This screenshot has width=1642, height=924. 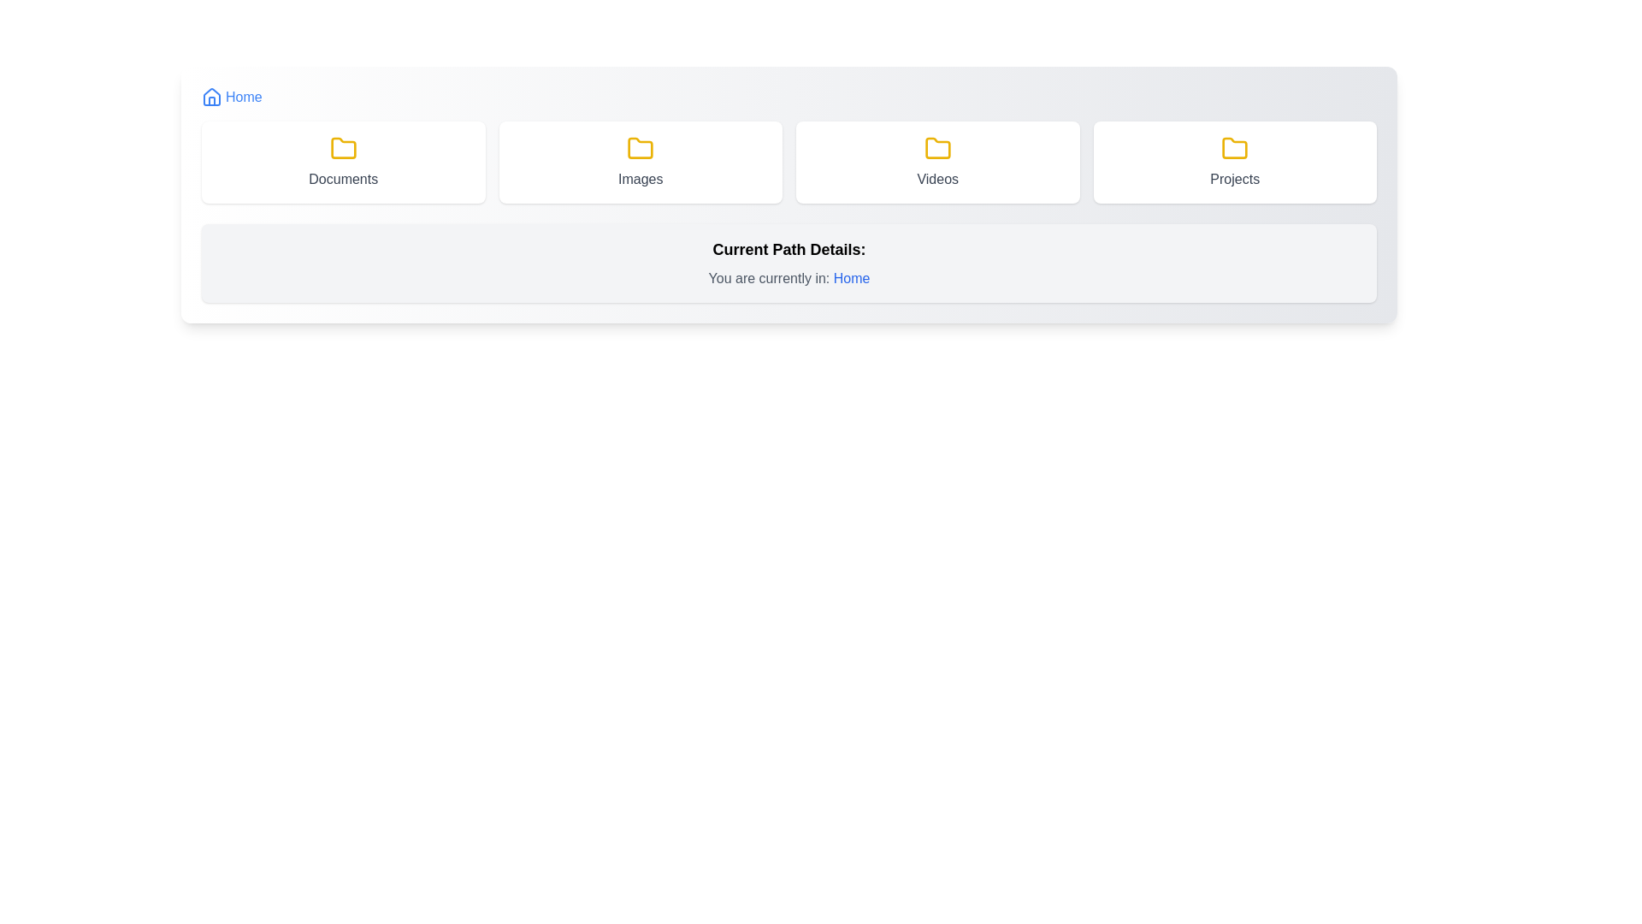 I want to click on the static label text reading 'Videos' that is styled with a smaller font size and gray text color, positioned below a yellow folder icon within the third folder icon-card in a horizontal row, so click(x=936, y=179).